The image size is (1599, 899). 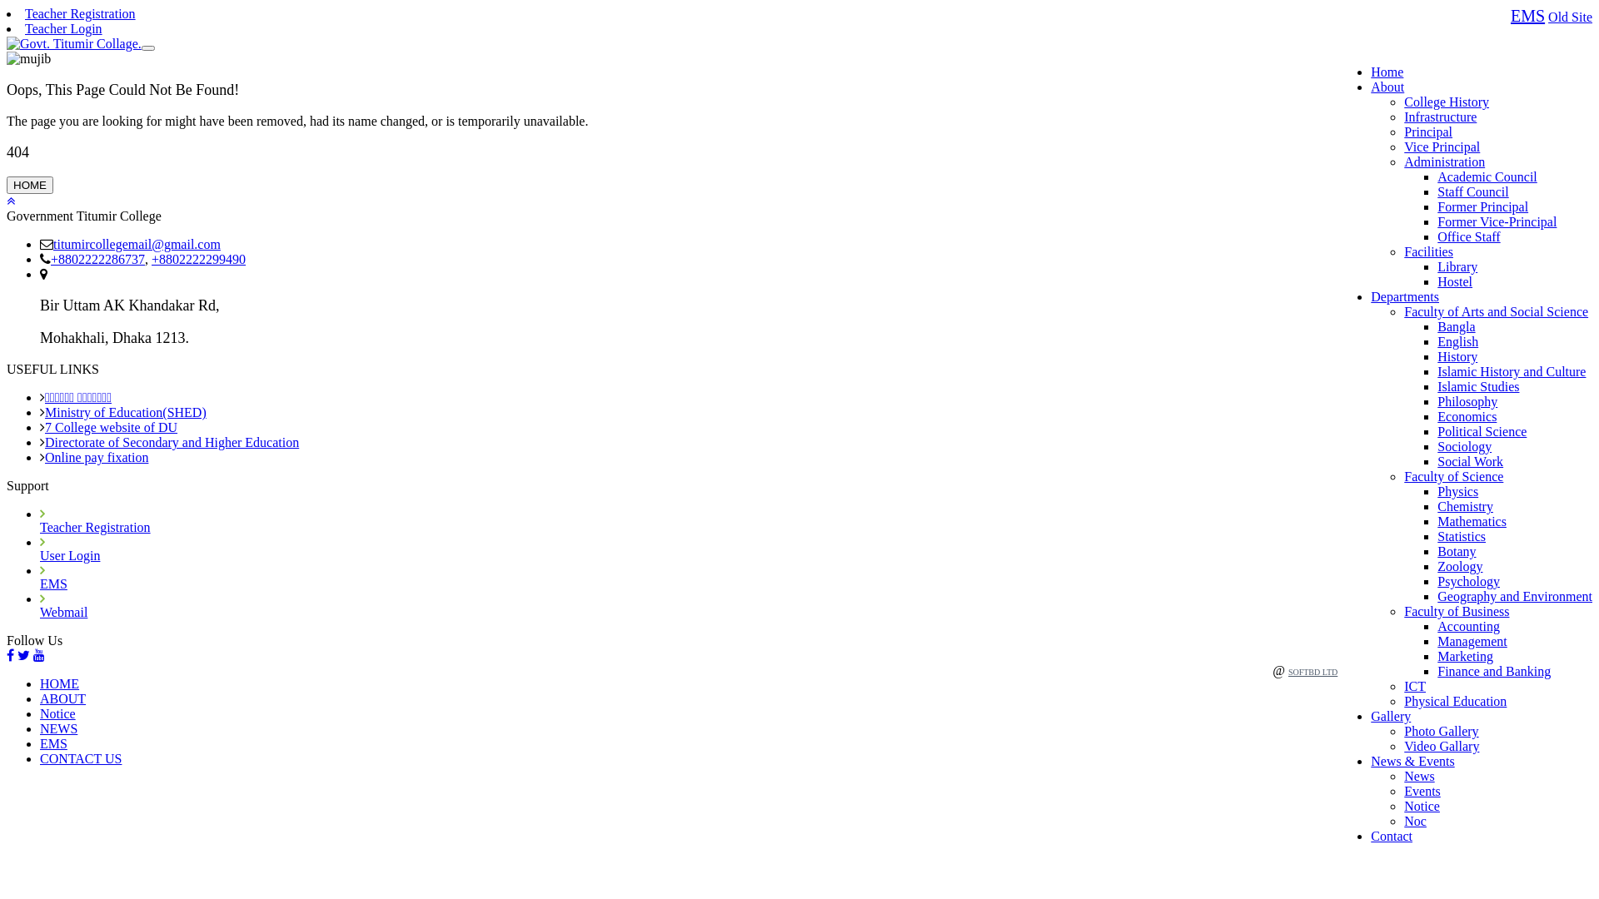 I want to click on 'Gallery', so click(x=1391, y=715).